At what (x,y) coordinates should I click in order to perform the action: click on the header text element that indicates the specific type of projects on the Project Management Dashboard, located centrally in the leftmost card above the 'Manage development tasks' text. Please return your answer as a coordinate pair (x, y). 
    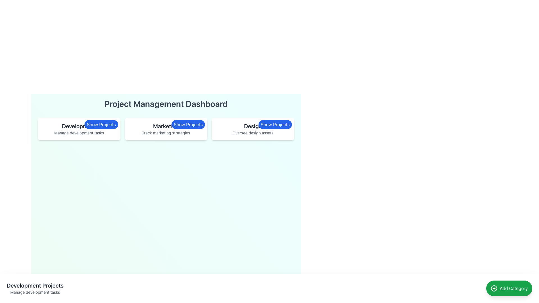
    Looking at the image, I should click on (35, 286).